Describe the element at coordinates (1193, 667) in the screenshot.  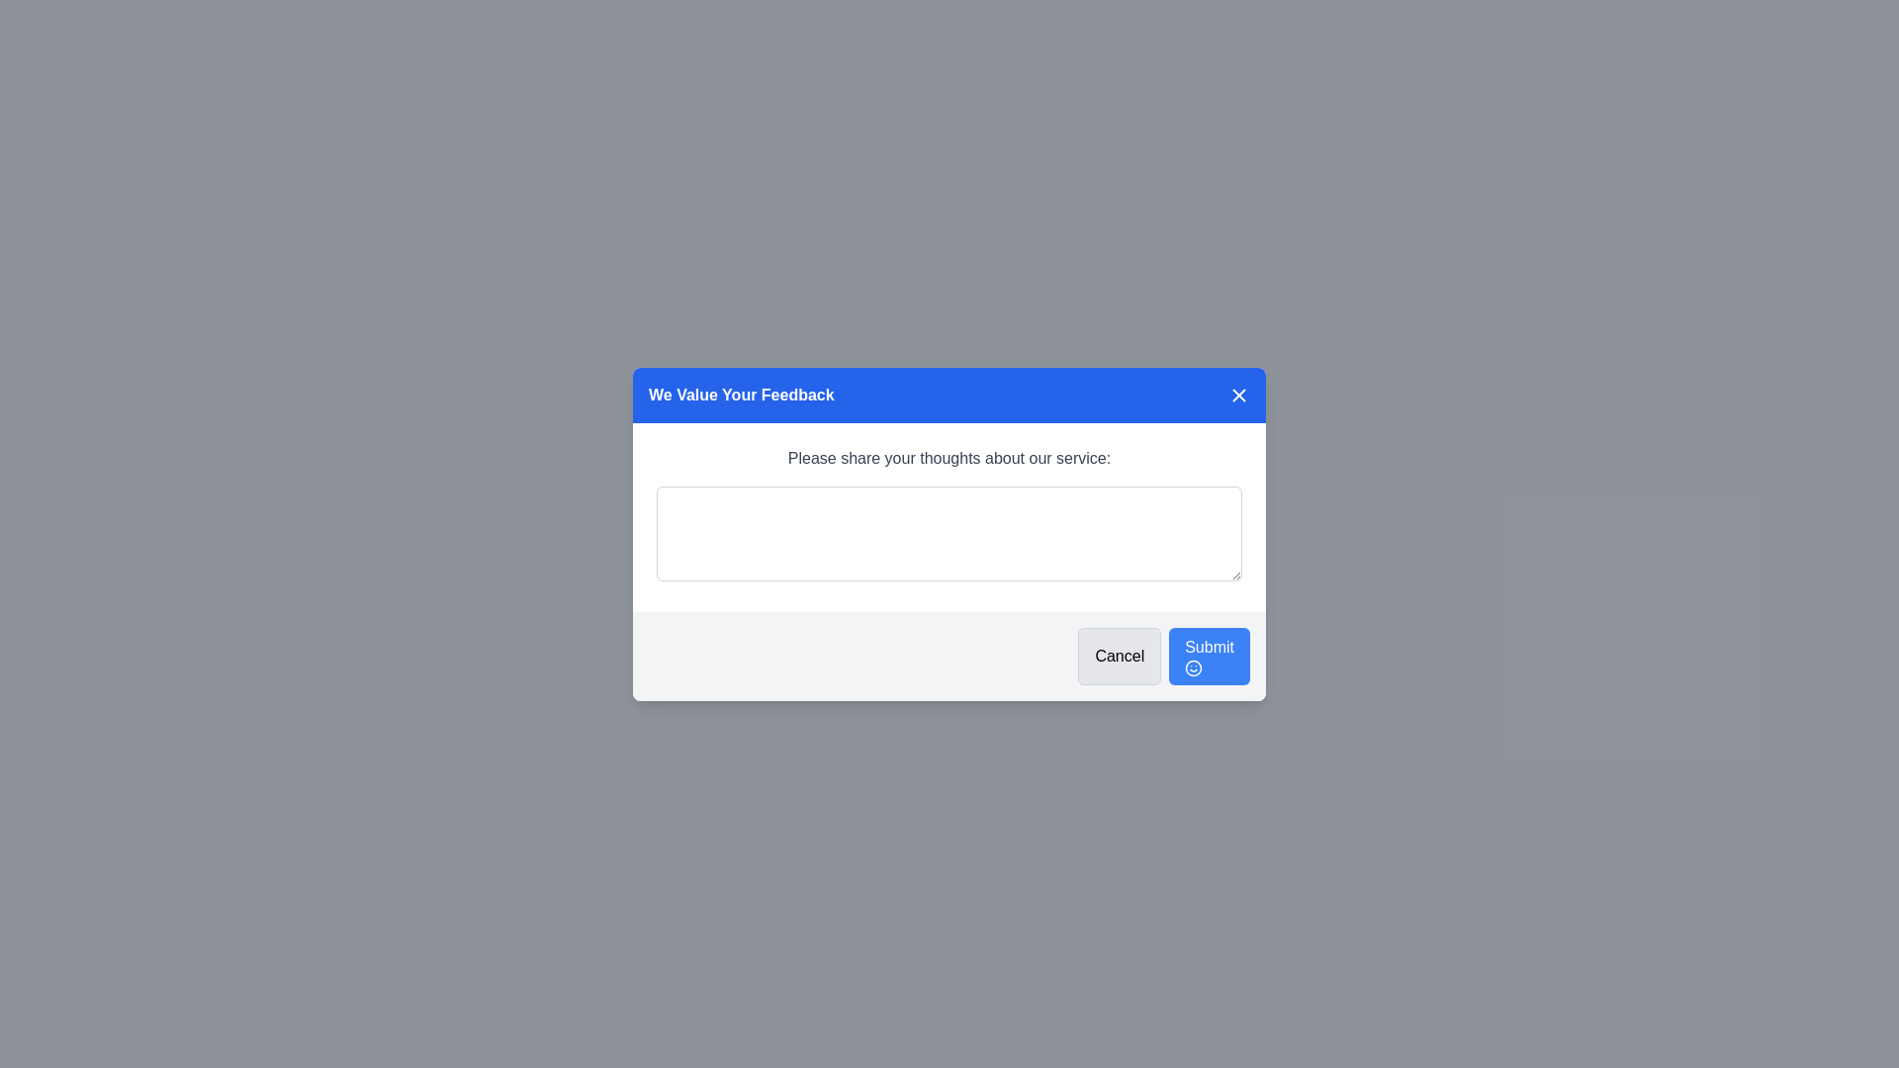
I see `the smiley face icon located inside the 'Submit' button at the bottom-right corner of the feedback popup dialog` at that location.